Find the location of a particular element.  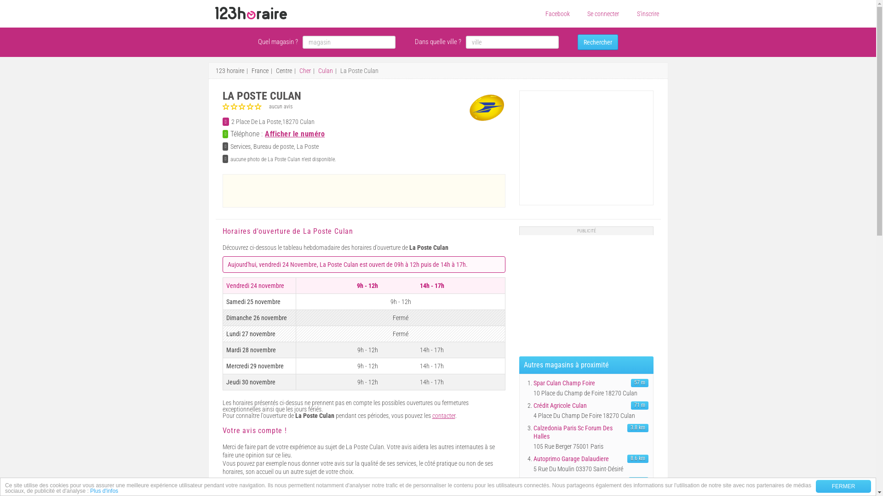

'S'inscrire' is located at coordinates (647, 14).